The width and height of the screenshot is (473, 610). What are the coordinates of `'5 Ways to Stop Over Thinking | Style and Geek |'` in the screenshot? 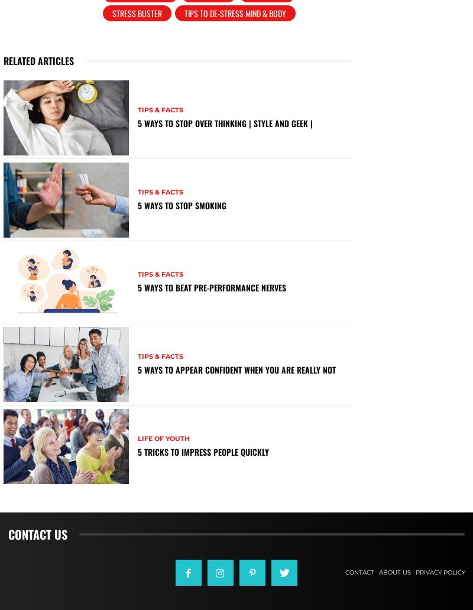 It's located at (137, 122).